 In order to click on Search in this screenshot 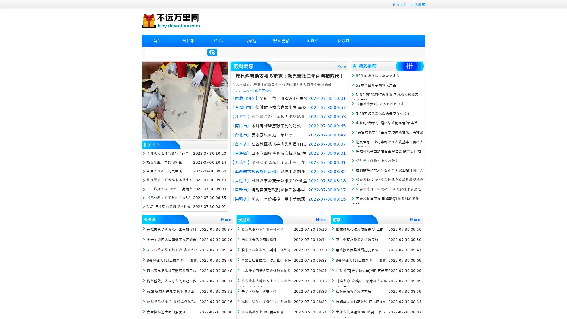, I will do `click(212, 52)`.